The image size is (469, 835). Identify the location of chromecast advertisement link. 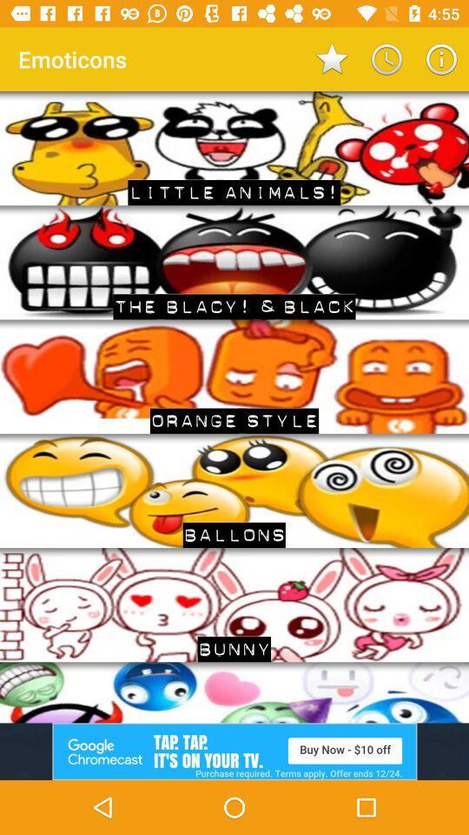
(234, 751).